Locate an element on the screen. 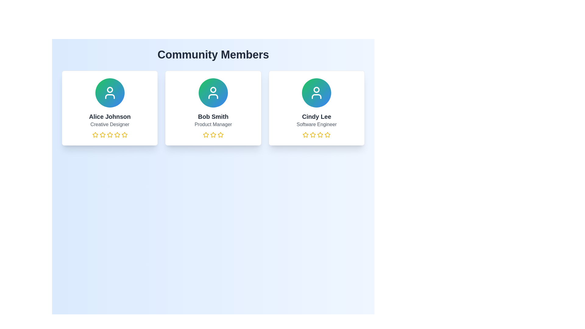  the second star-shaped rating icon in the row of stars for Alice Johnson is located at coordinates (95, 134).